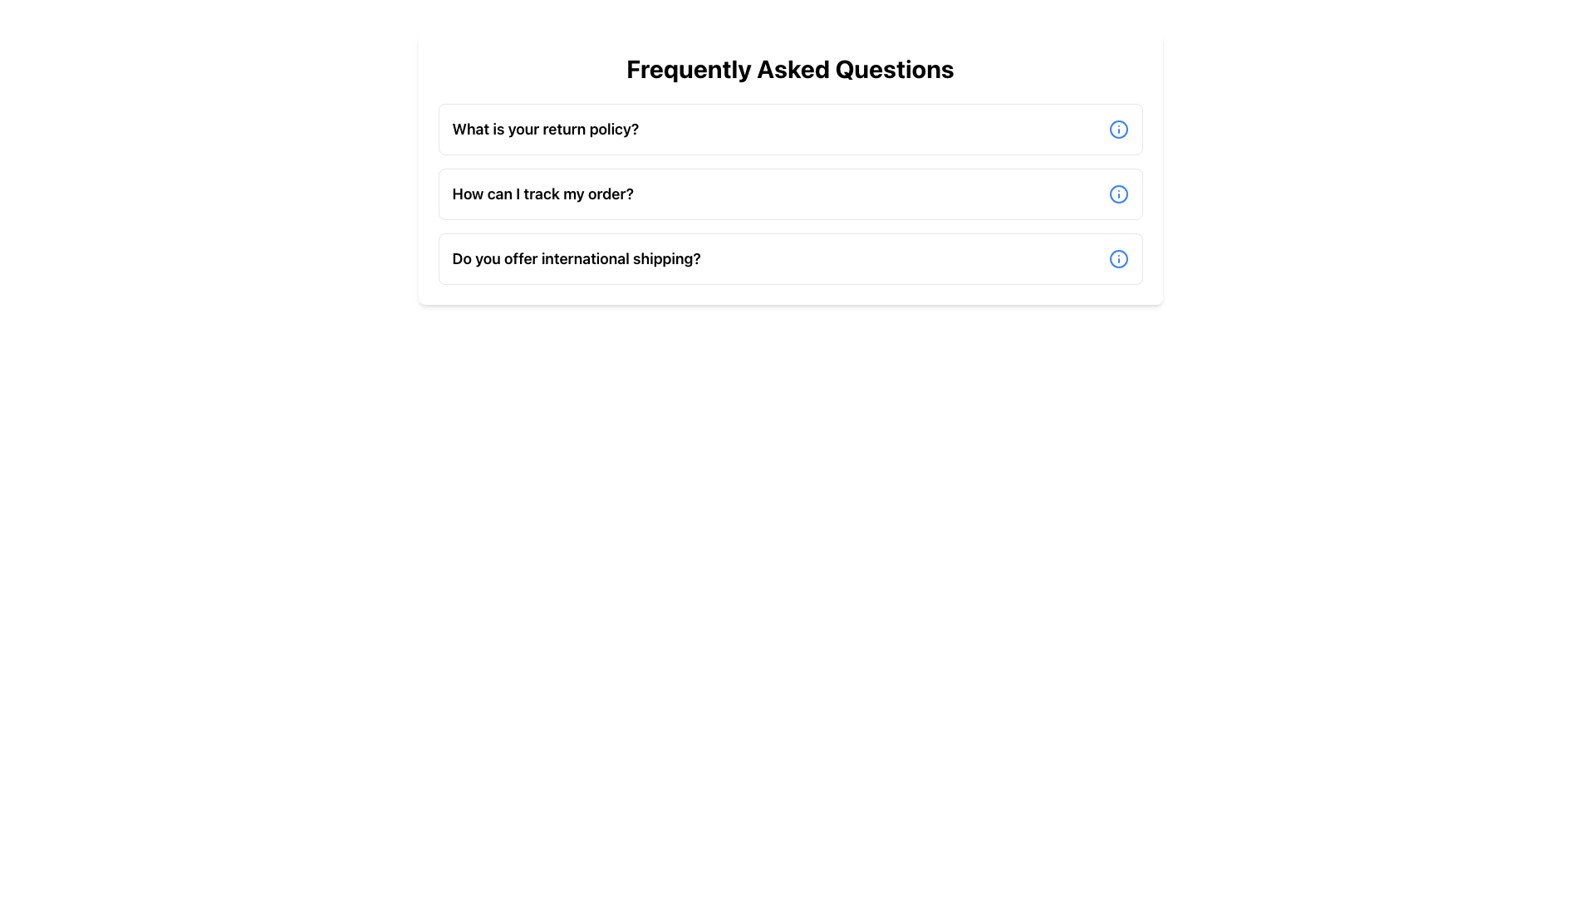  Describe the element at coordinates (1118, 259) in the screenshot. I see `the info icon located at the far right of the row containing the question 'Do you offer international shipping?', which provides additional information when interacted with` at that location.